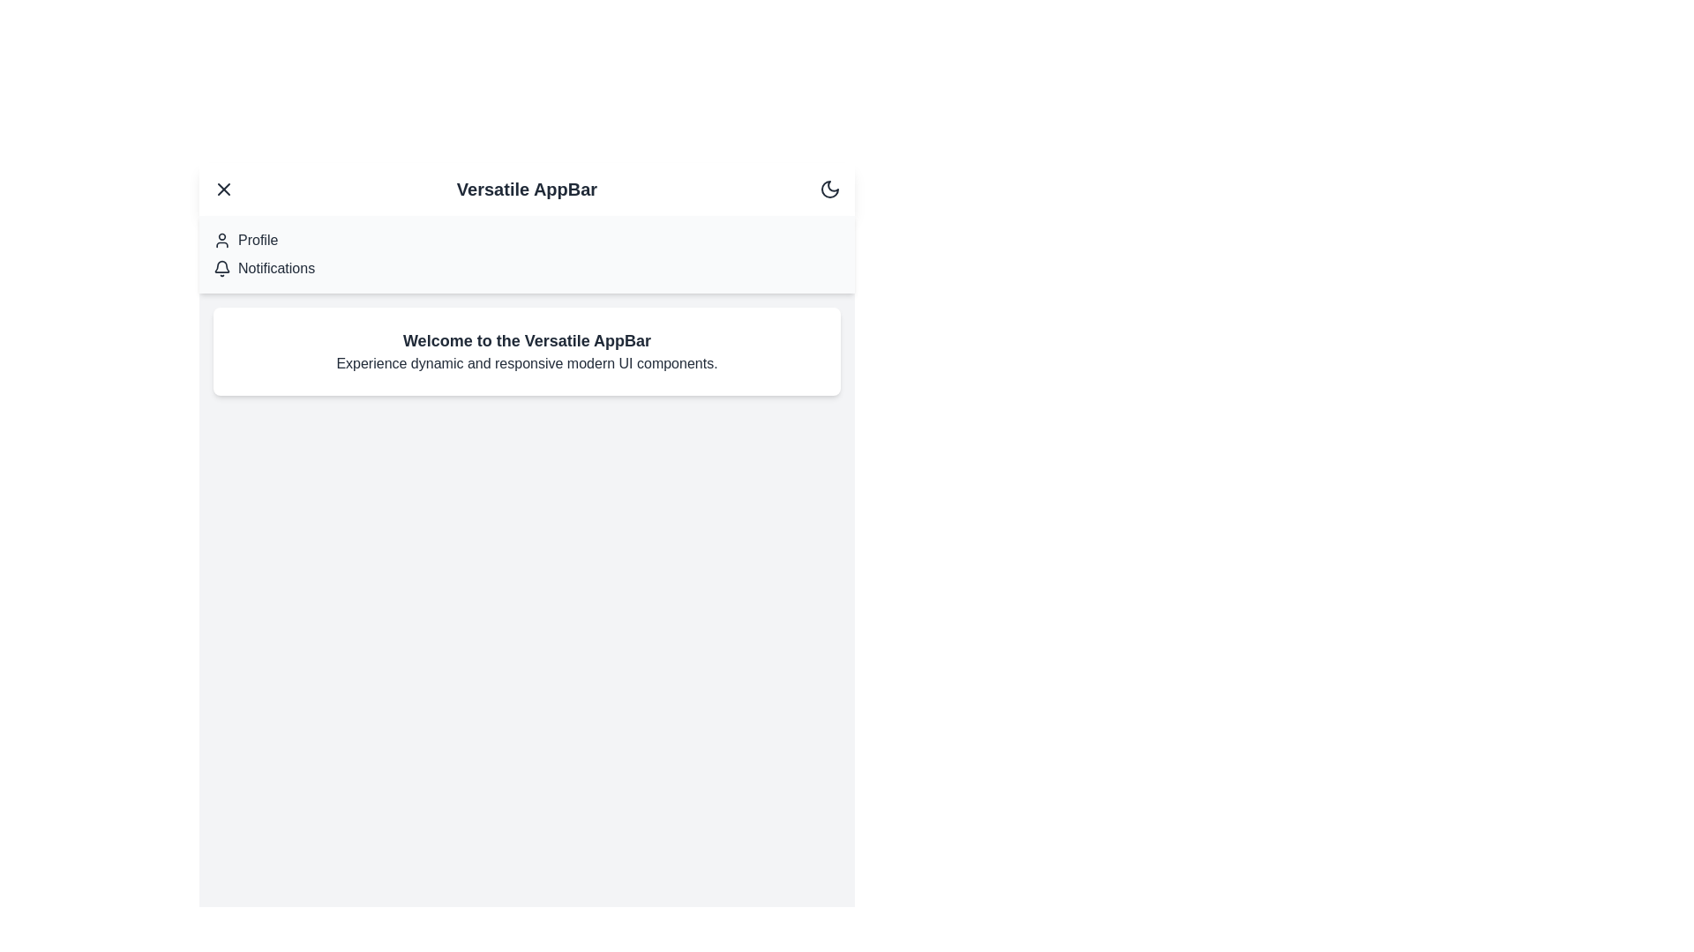  I want to click on the menu toggle button to toggle the menu visibility, so click(223, 190).